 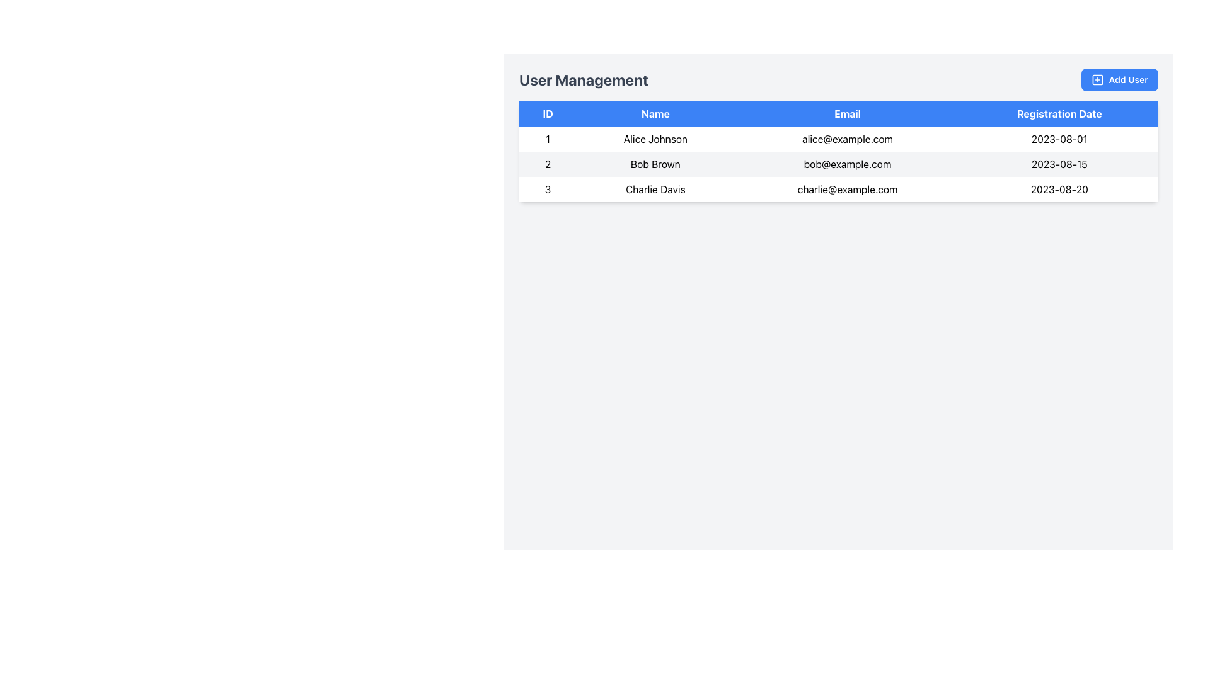 What do you see at coordinates (548, 189) in the screenshot?
I see `the ID text in the third row of the table that identifies the row containing 'Charlie Davis'` at bounding box center [548, 189].